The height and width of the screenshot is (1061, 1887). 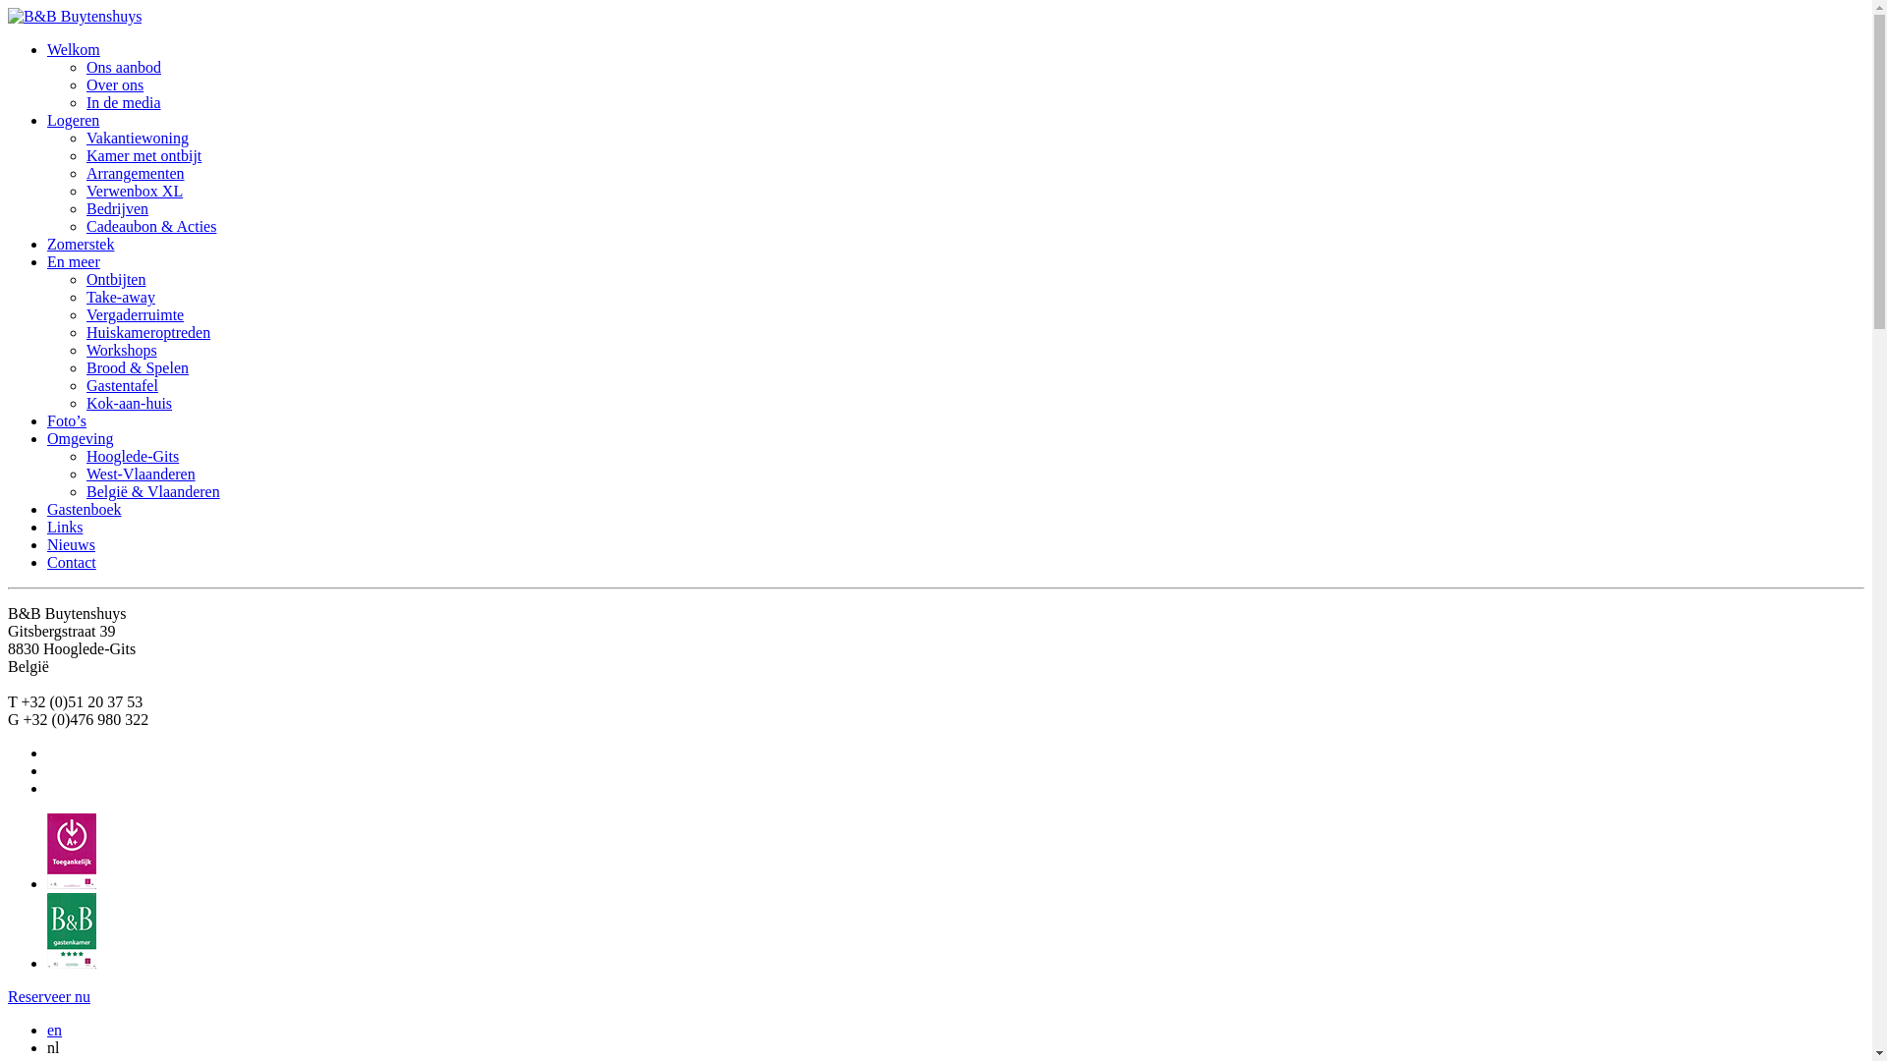 What do you see at coordinates (135, 172) in the screenshot?
I see `'Arrangementen'` at bounding box center [135, 172].